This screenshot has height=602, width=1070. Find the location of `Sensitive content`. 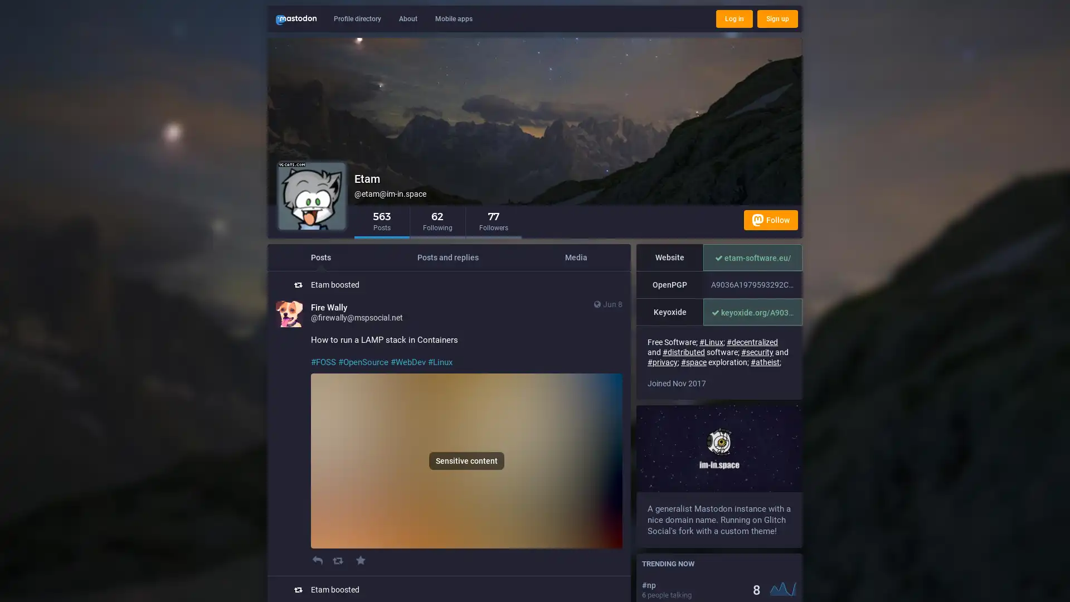

Sensitive content is located at coordinates (466, 460).